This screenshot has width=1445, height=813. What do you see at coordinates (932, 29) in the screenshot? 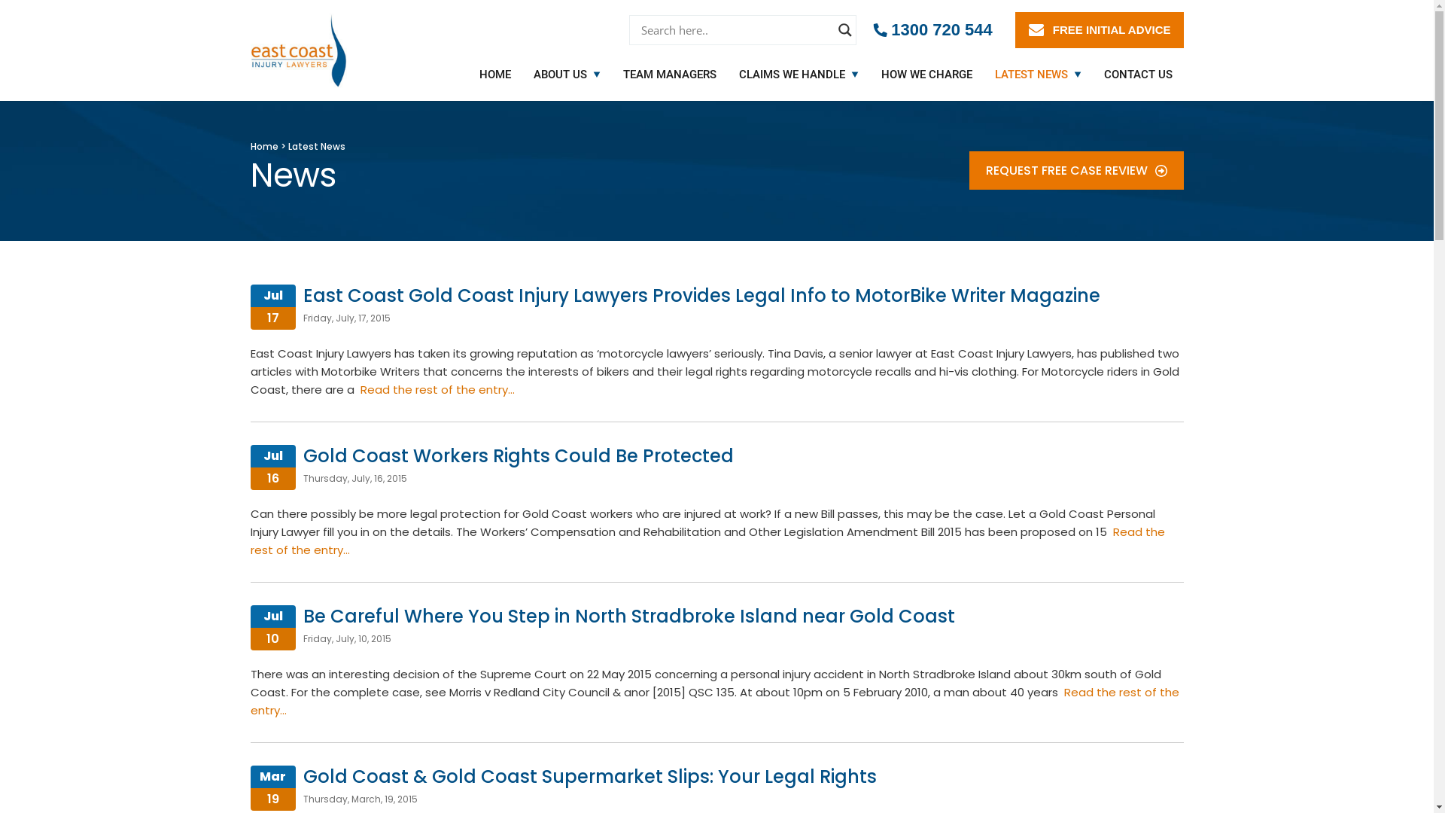
I see `'1300 720 544'` at bounding box center [932, 29].